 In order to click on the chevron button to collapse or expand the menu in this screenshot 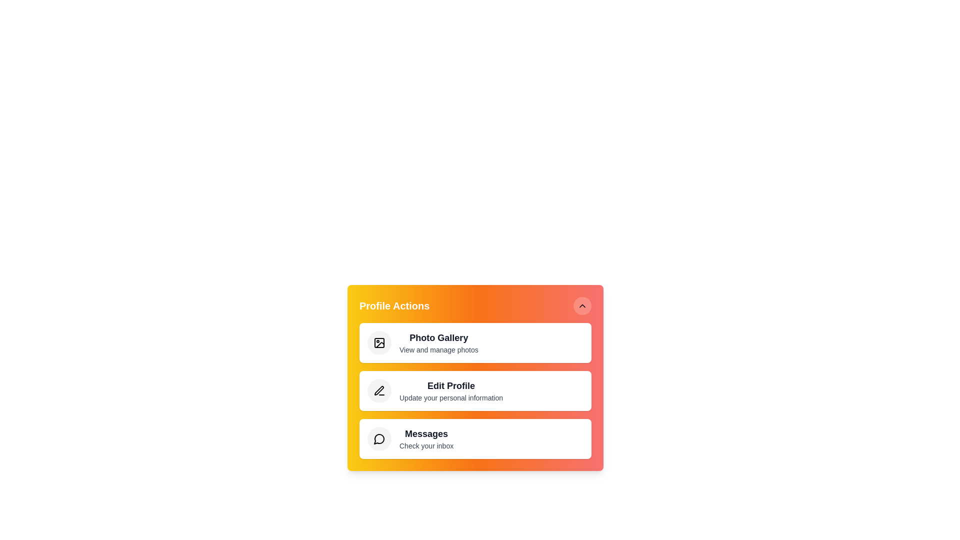, I will do `click(582, 305)`.